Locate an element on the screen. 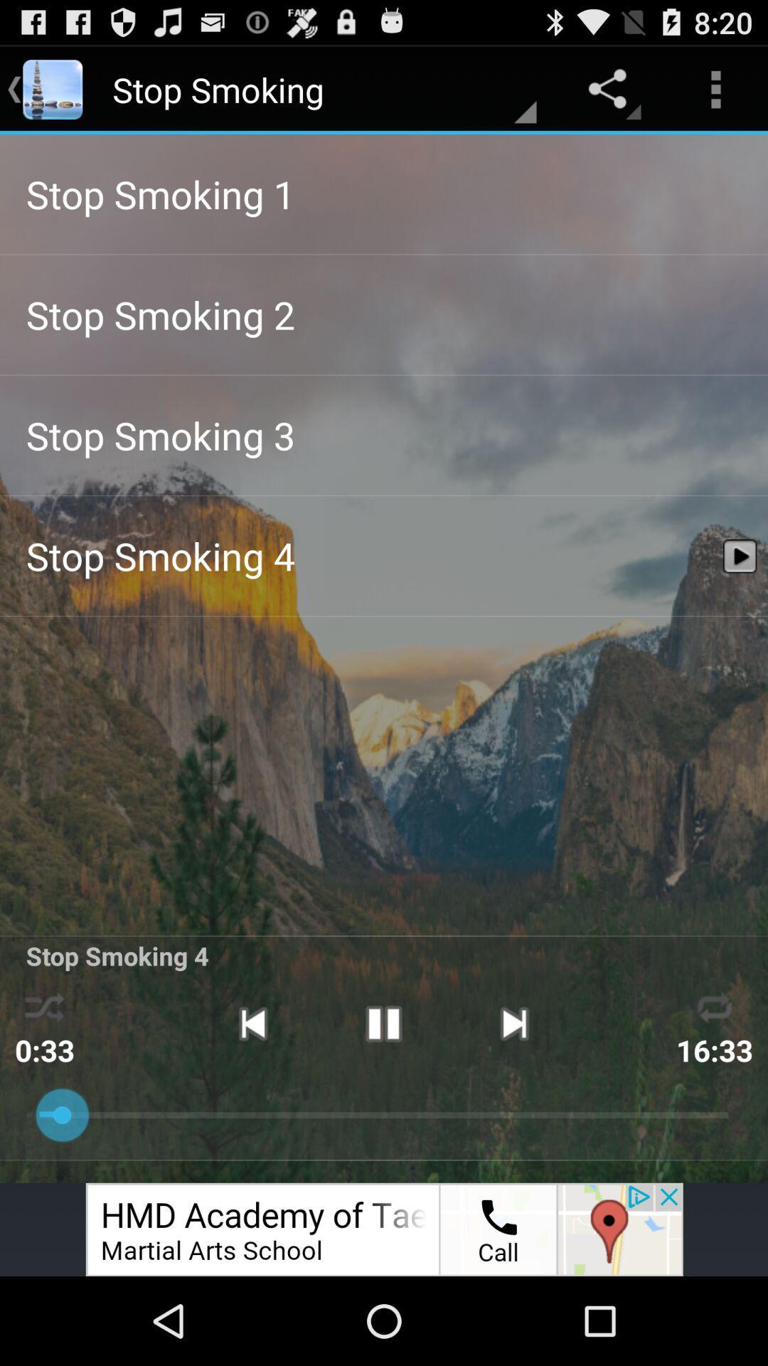 This screenshot has width=768, height=1366. the skip_previous icon is located at coordinates (252, 1094).